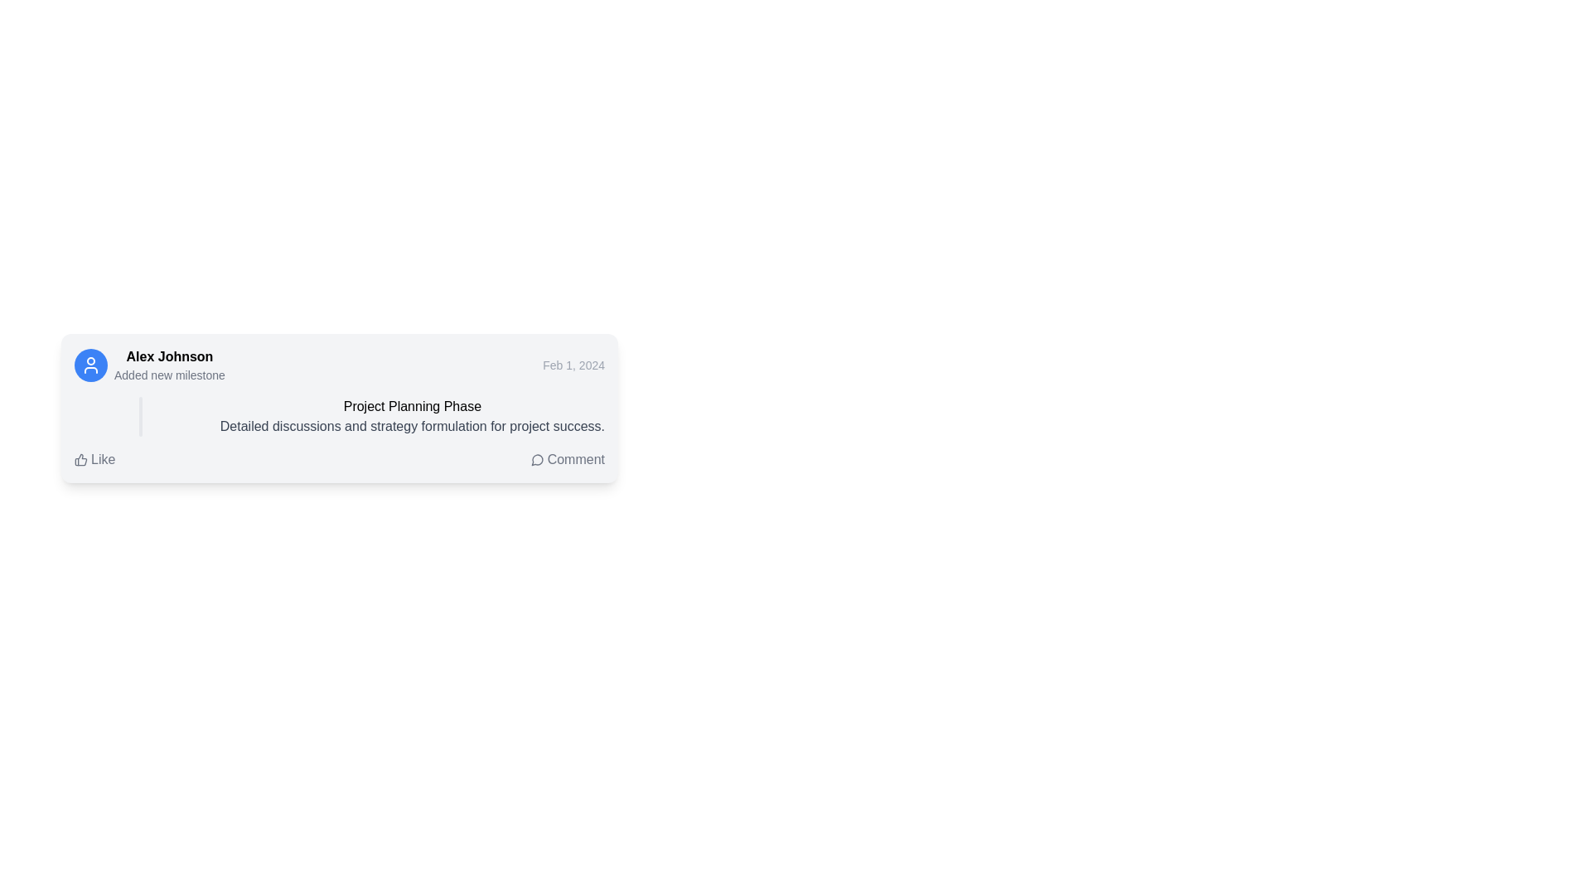 This screenshot has height=895, width=1591. What do you see at coordinates (537, 460) in the screenshot?
I see `the circular speech bubble icon located to the left of the 'Comment' label in the card's footer` at bounding box center [537, 460].